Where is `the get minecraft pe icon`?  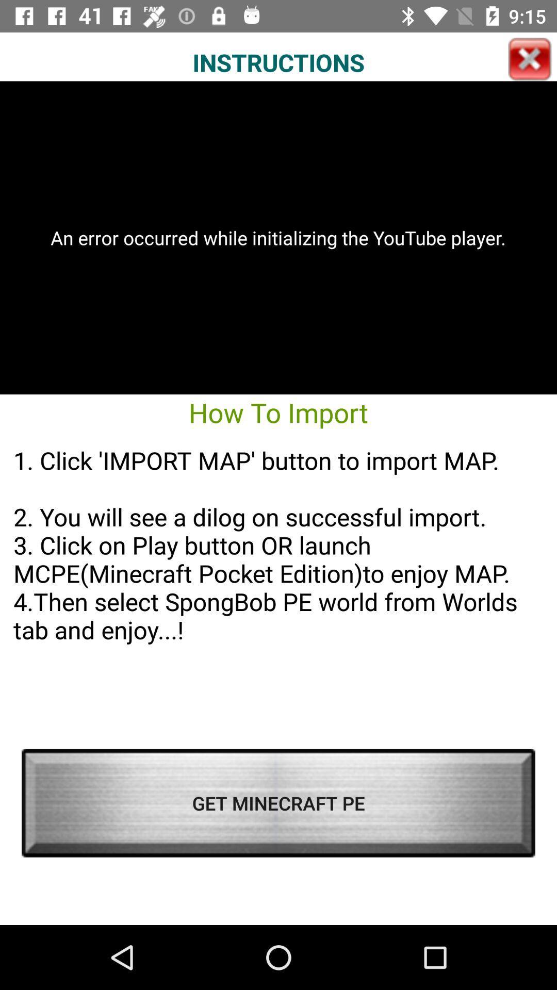
the get minecraft pe icon is located at coordinates (278, 802).